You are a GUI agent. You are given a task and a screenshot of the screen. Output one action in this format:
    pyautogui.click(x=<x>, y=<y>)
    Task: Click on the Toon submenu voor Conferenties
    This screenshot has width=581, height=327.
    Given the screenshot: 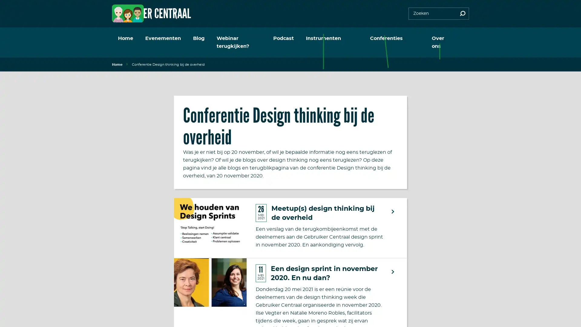 What is the action you would take?
    pyautogui.click(x=414, y=38)
    